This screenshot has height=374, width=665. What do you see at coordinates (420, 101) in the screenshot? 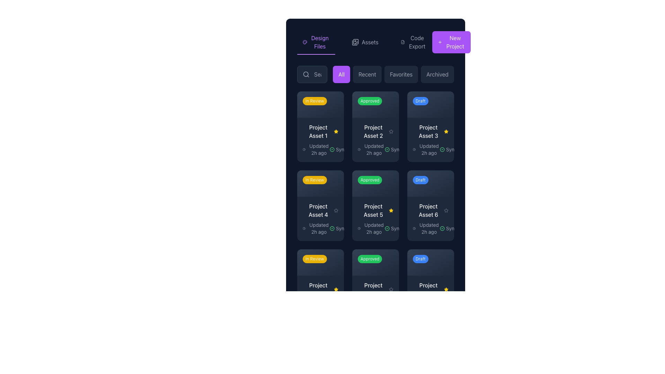
I see `the 'Draft' status label located at the top-left corner of the project card` at bounding box center [420, 101].